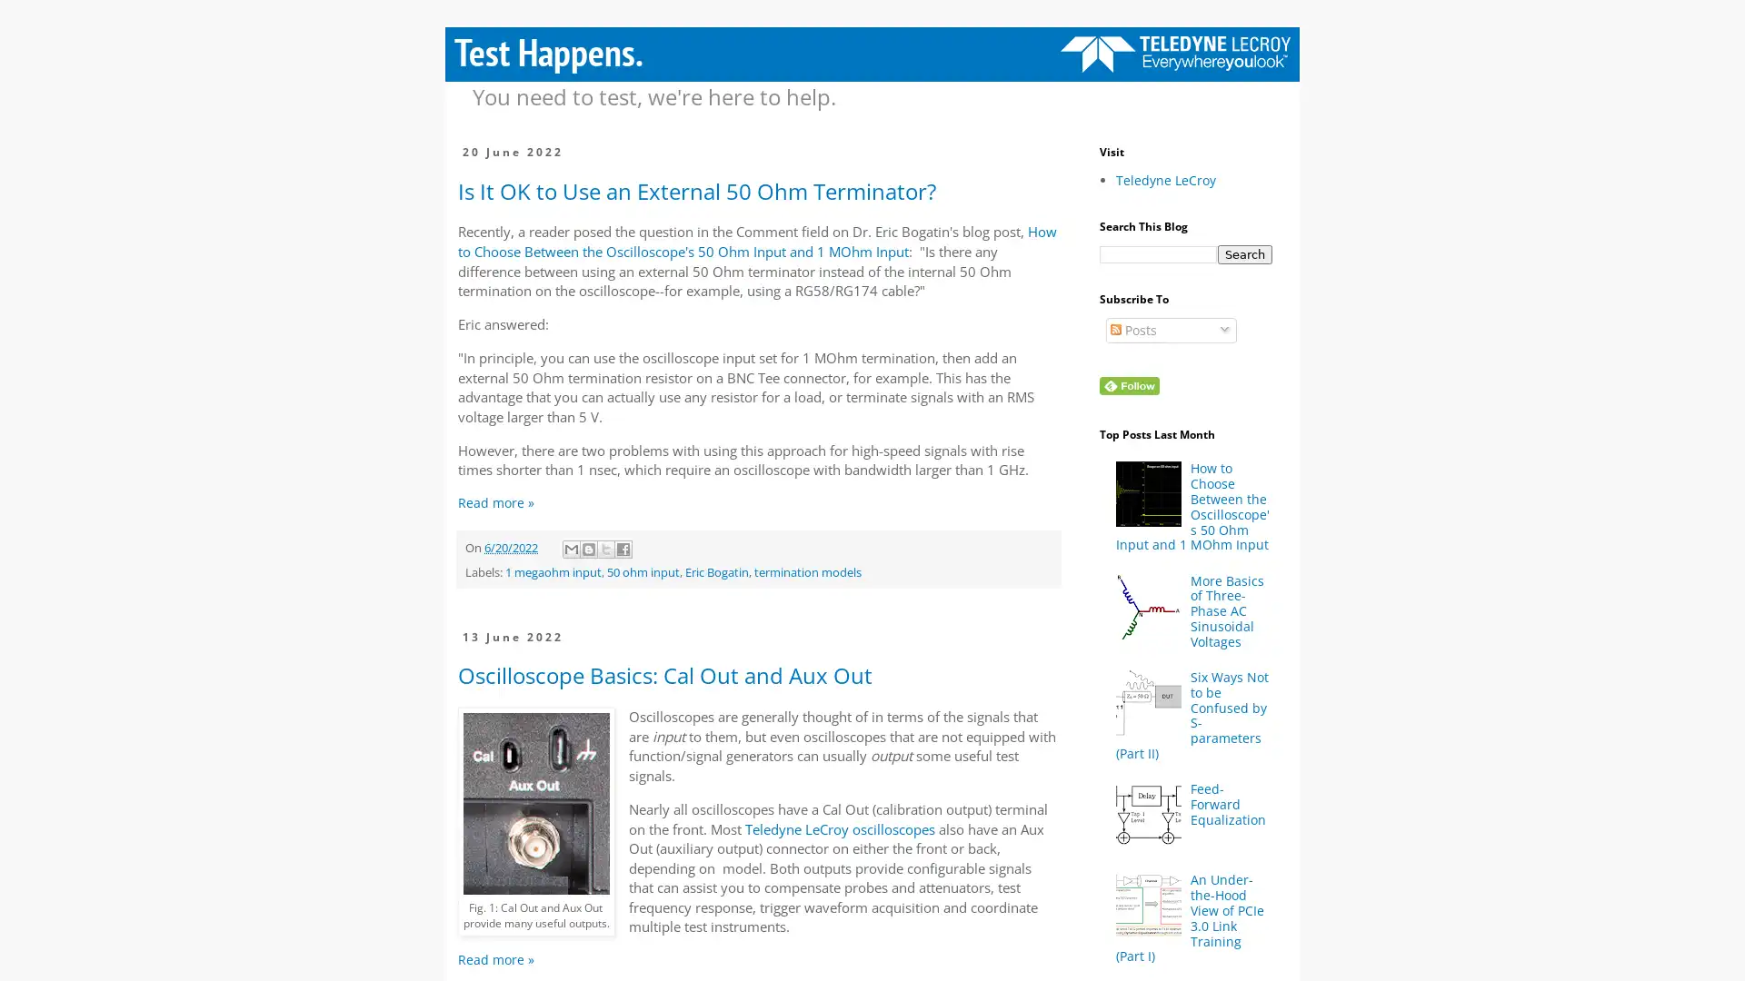  I want to click on Search, so click(1243, 254).